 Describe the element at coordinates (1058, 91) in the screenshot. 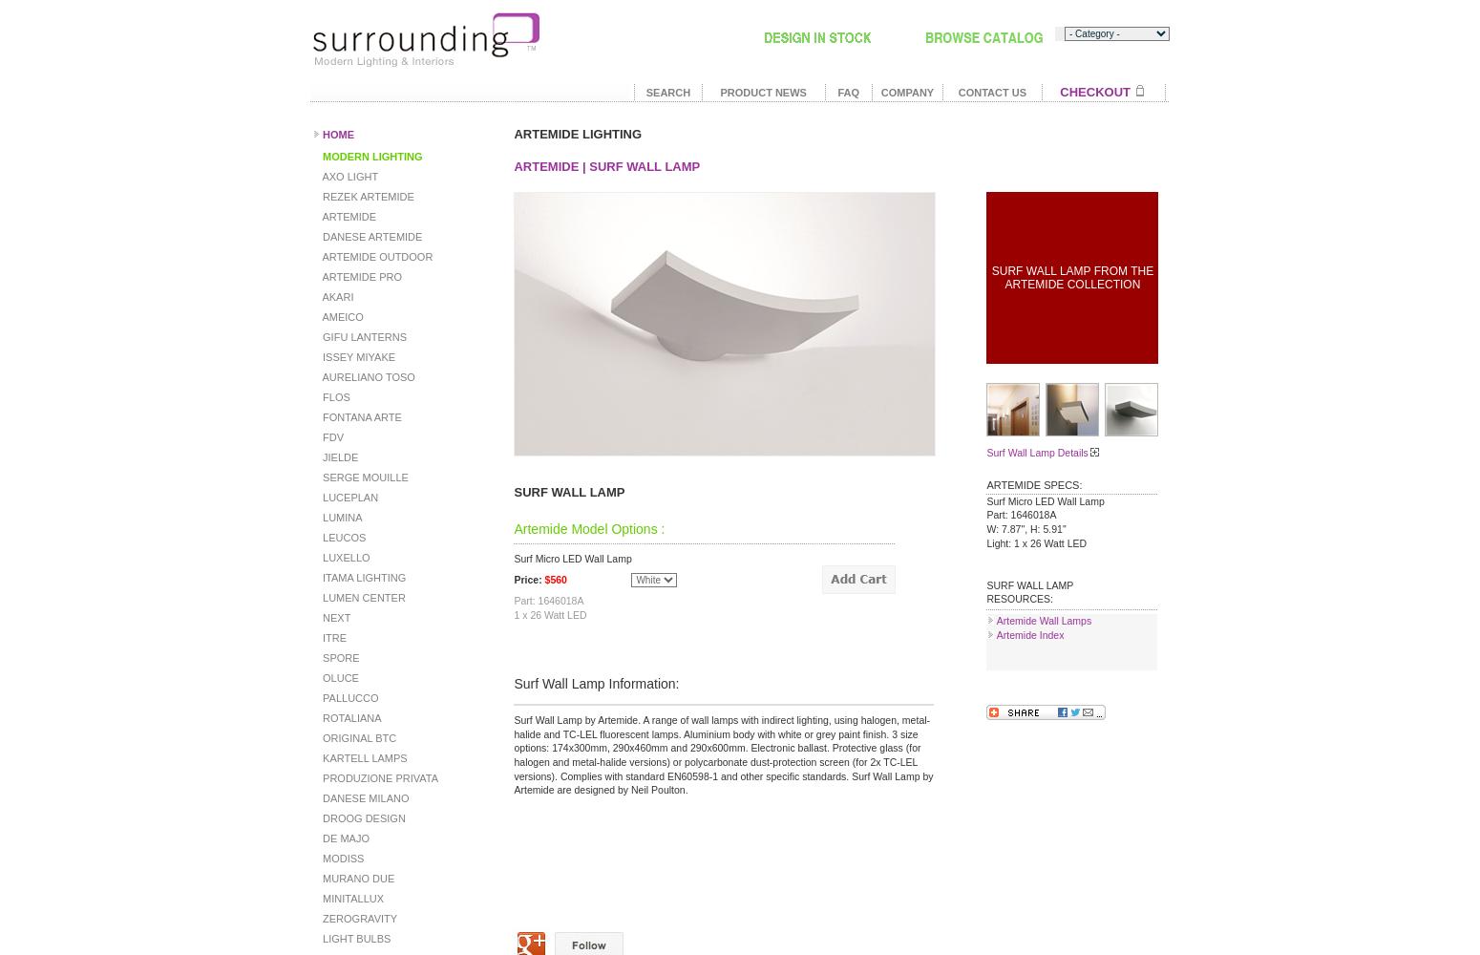

I see `'CHECKOUT'` at that location.